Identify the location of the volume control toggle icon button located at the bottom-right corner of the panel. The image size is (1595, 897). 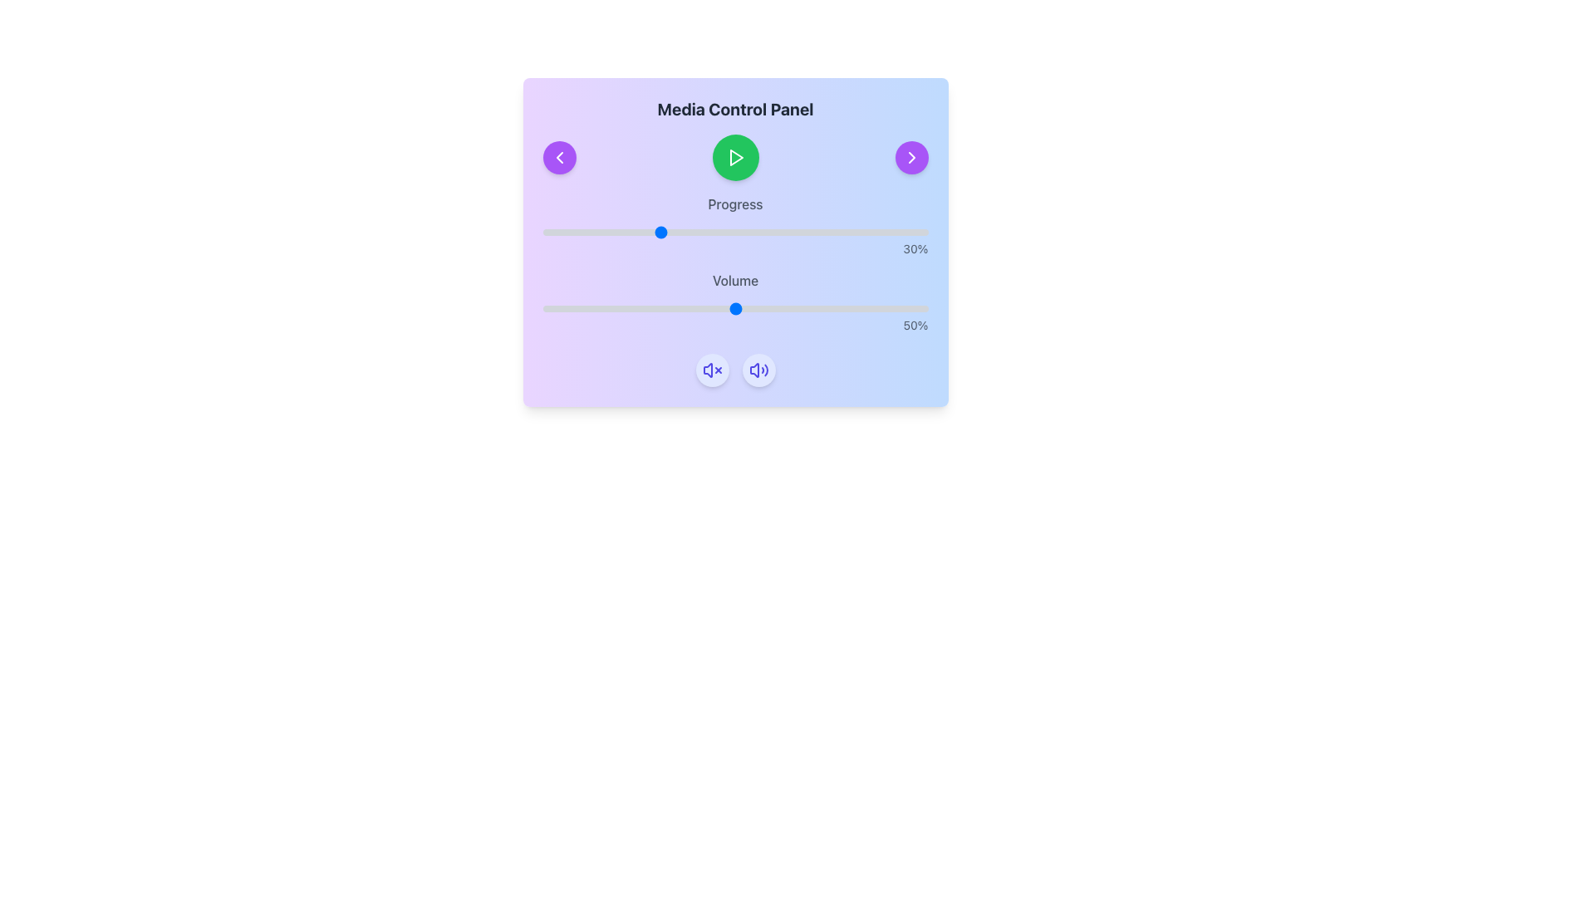
(712, 370).